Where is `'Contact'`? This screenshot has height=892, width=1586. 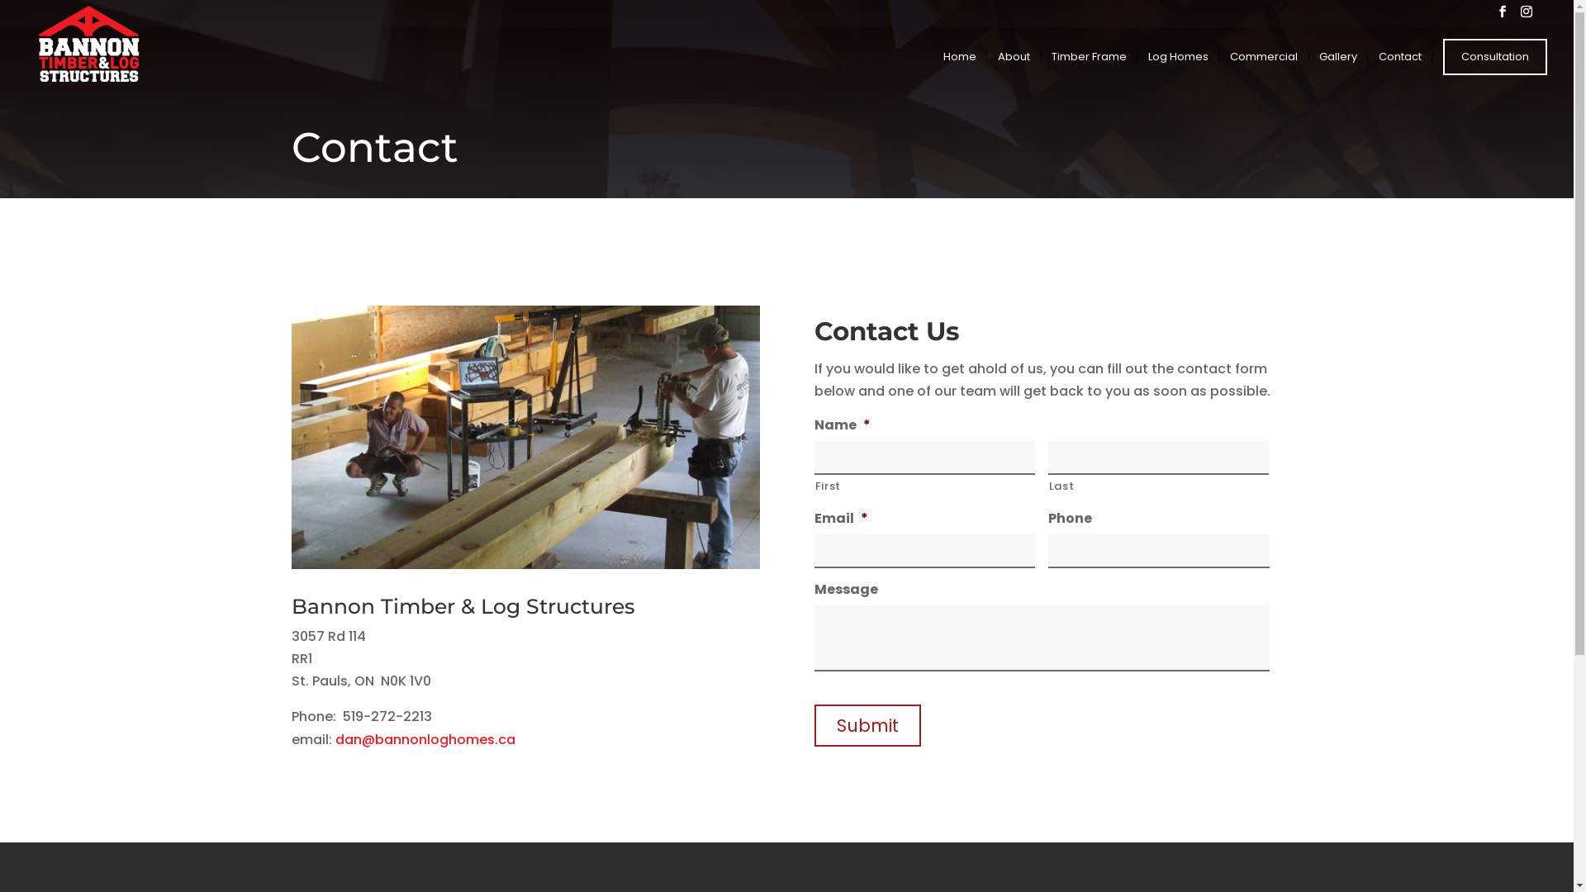
'Contact' is located at coordinates (1398, 68).